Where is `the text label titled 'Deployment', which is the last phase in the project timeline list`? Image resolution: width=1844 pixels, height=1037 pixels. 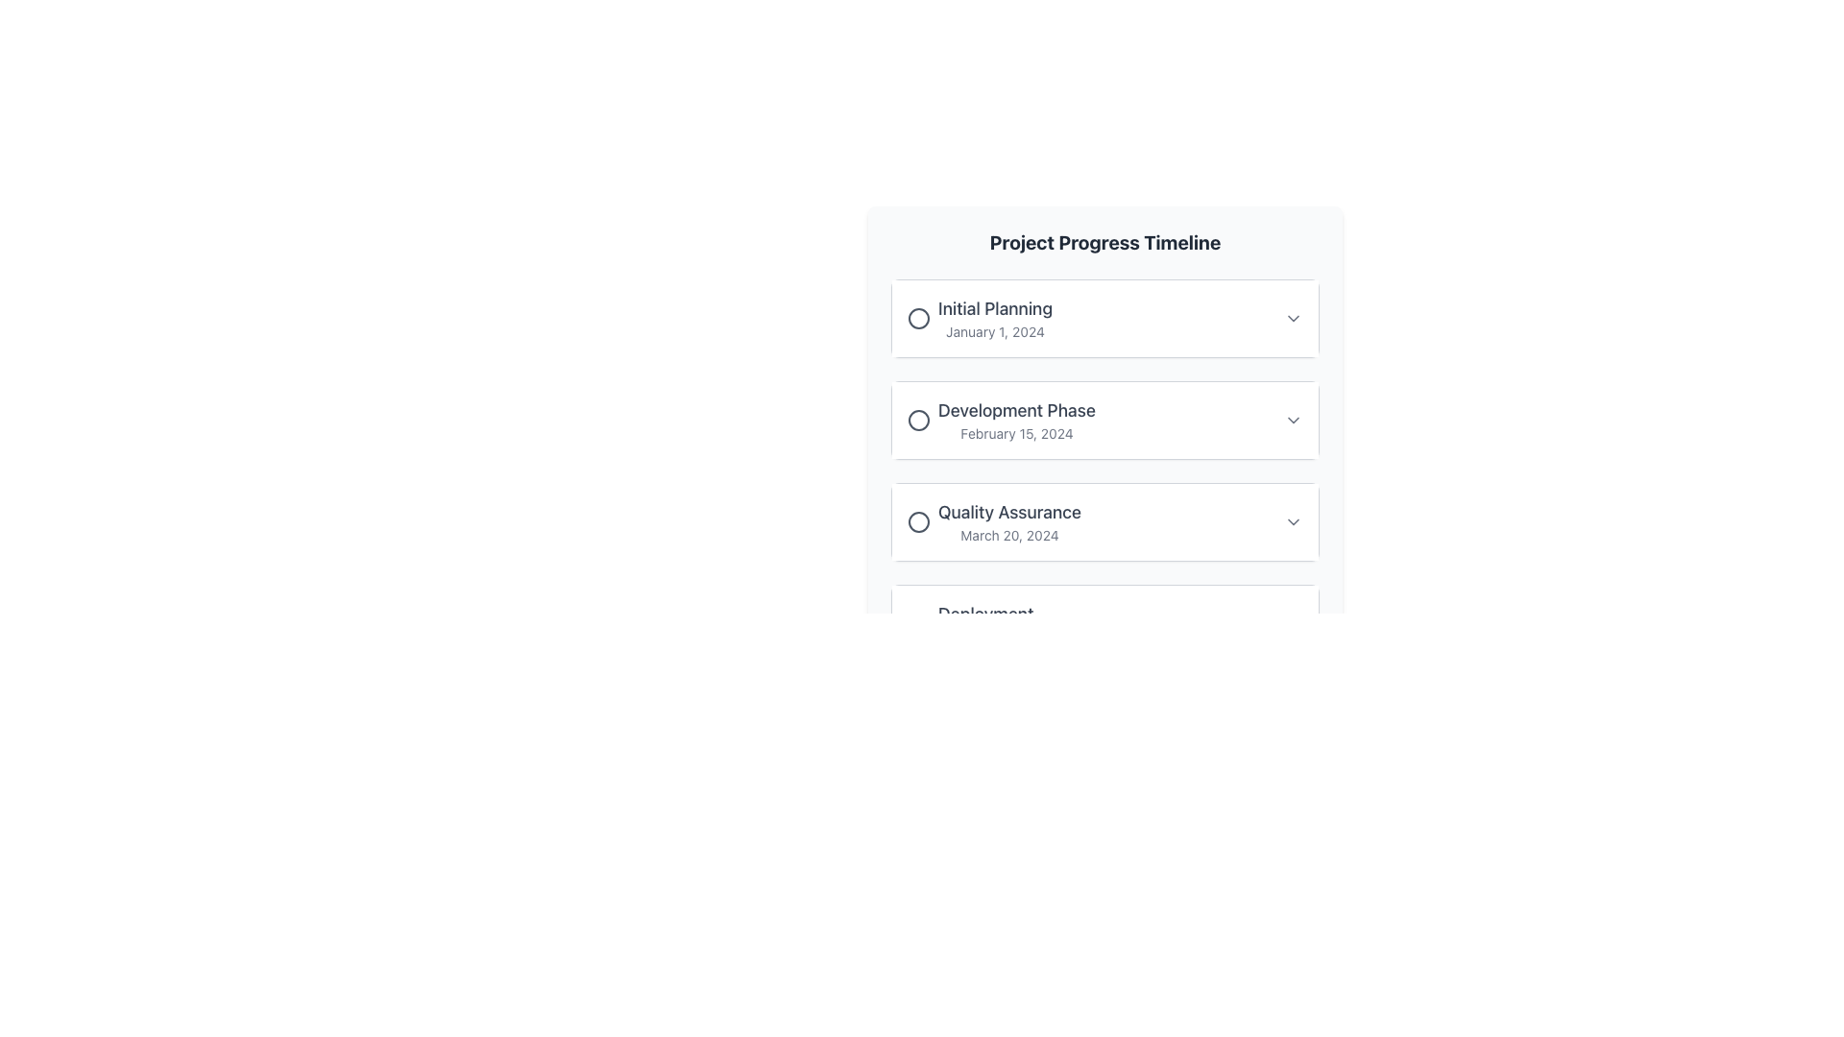
the text label titled 'Deployment', which is the last phase in the project timeline list is located at coordinates (985, 615).